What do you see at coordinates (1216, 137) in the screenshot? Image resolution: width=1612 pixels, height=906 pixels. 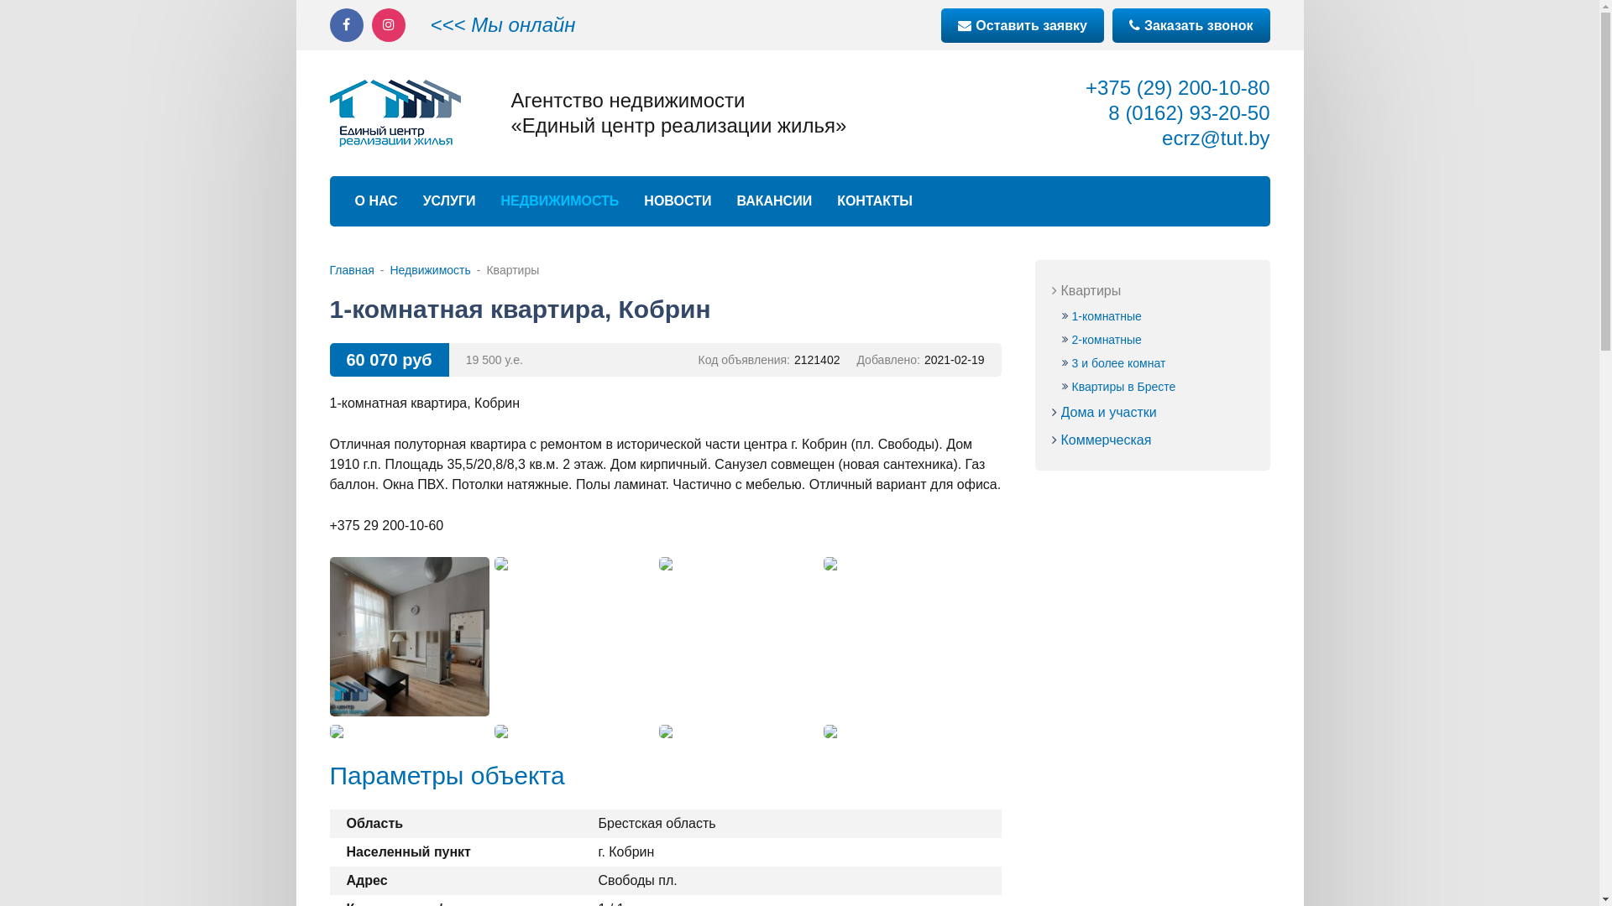 I see `'ecrz@tut.by'` at bounding box center [1216, 137].